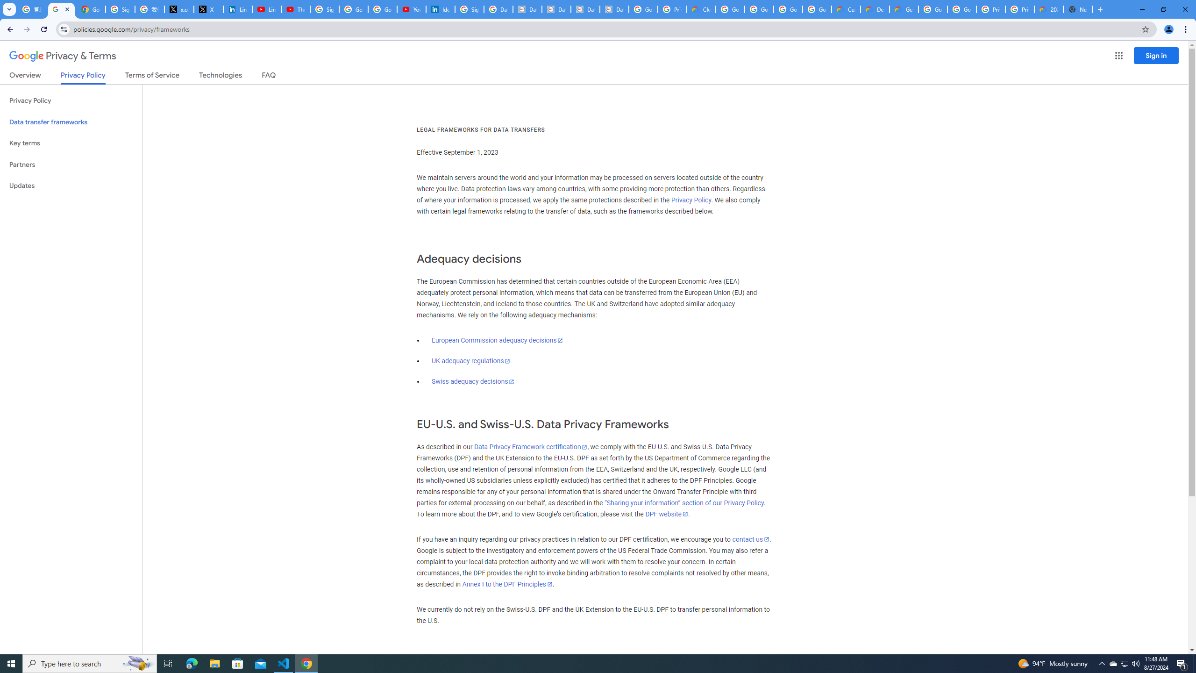 The width and height of the screenshot is (1196, 673). I want to click on 'Cloud Data Processing Addendum | Google Cloud', so click(701, 9).